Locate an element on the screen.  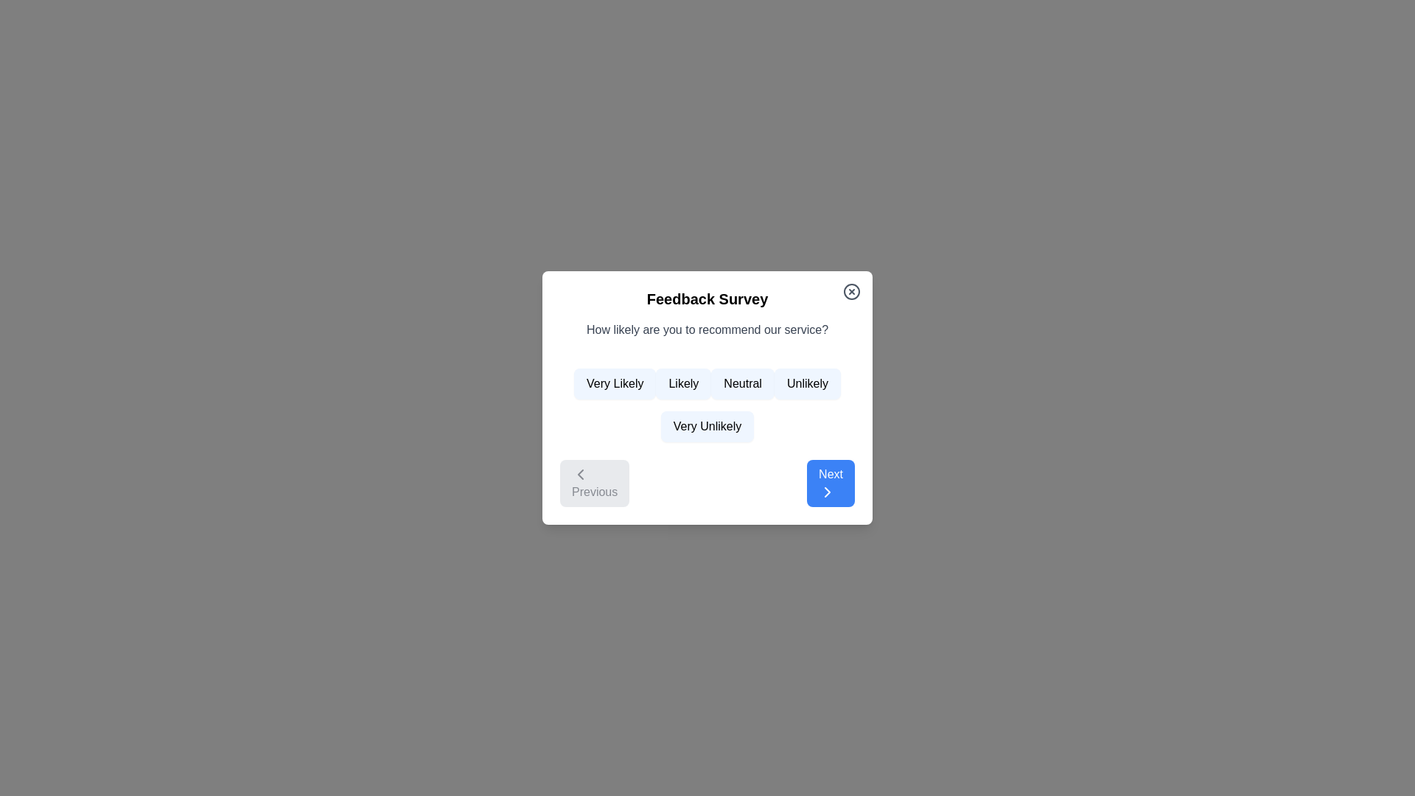
the blue rectangular button labeled 'Next' with a right-chevron icon located at the bottom-right corner of the feedback survey dialog is located at coordinates (831, 483).